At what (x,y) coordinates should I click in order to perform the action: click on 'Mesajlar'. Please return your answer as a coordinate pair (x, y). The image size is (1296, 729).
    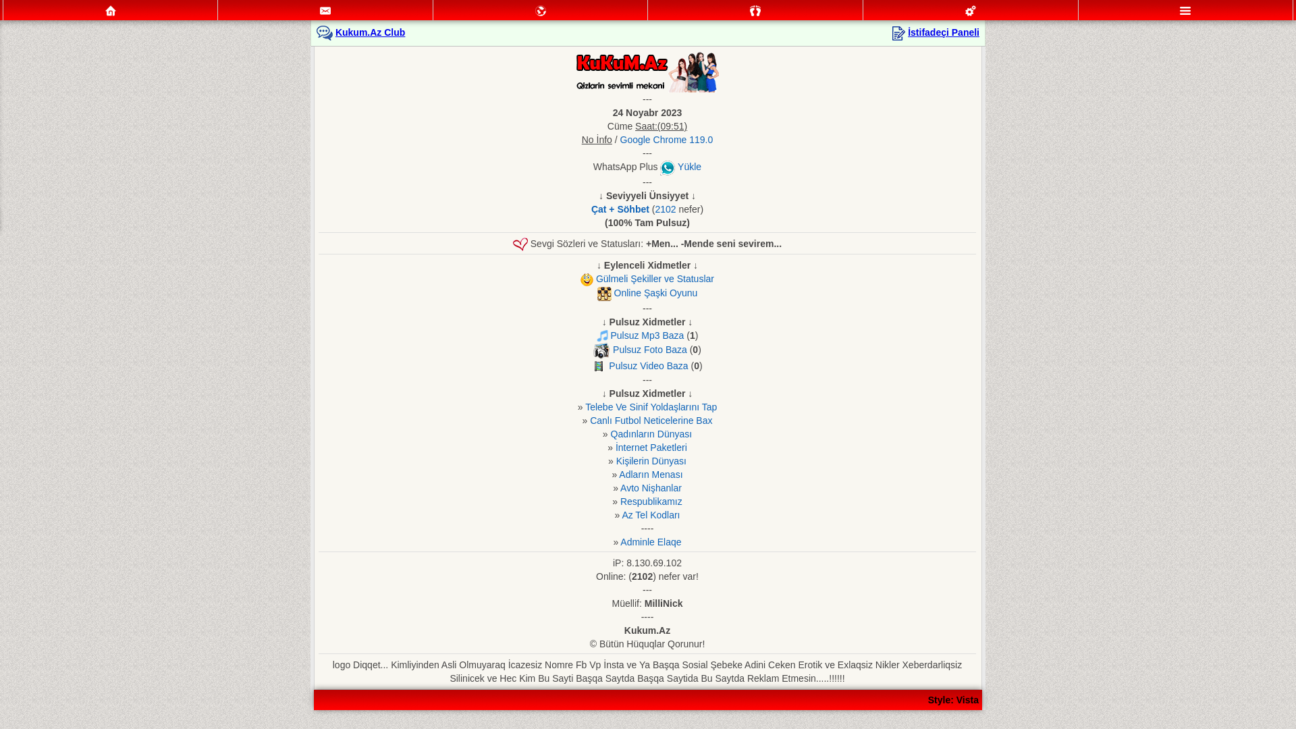
    Looking at the image, I should click on (325, 10).